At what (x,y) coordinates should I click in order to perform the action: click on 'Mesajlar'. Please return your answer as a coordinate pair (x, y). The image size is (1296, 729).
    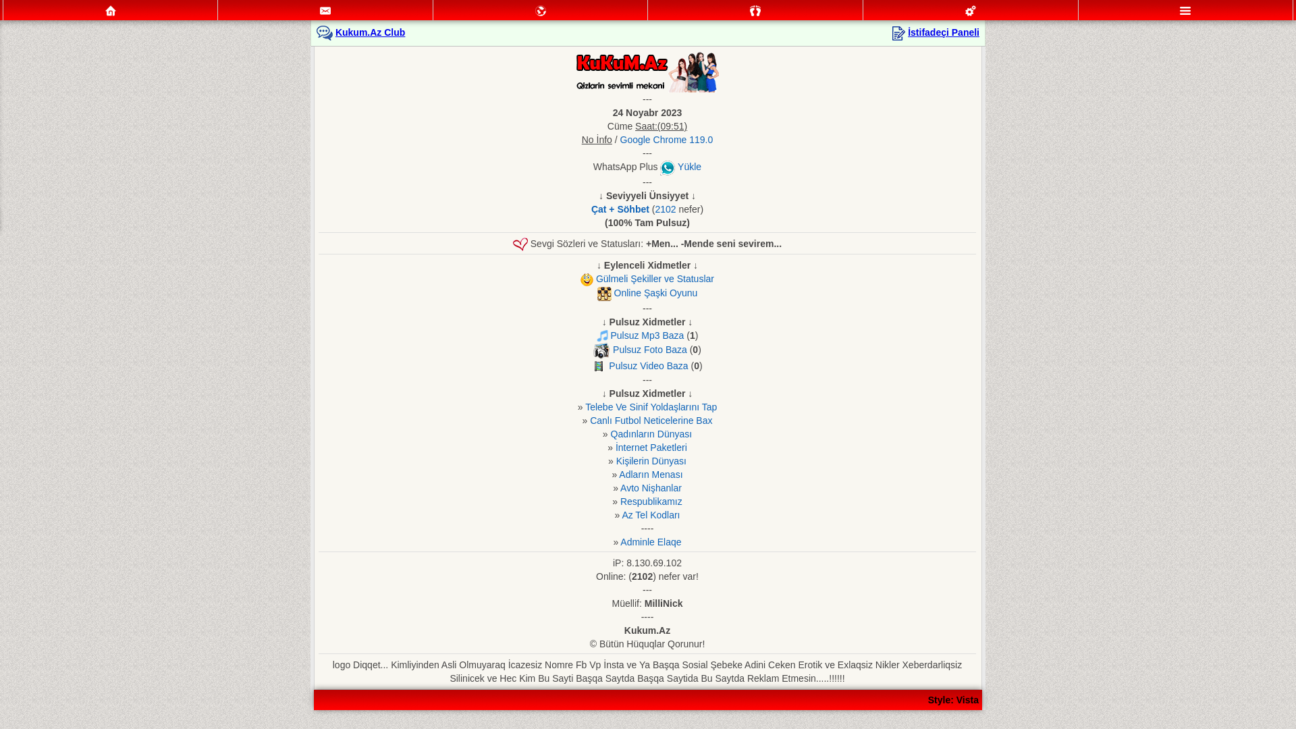
    Looking at the image, I should click on (325, 10).